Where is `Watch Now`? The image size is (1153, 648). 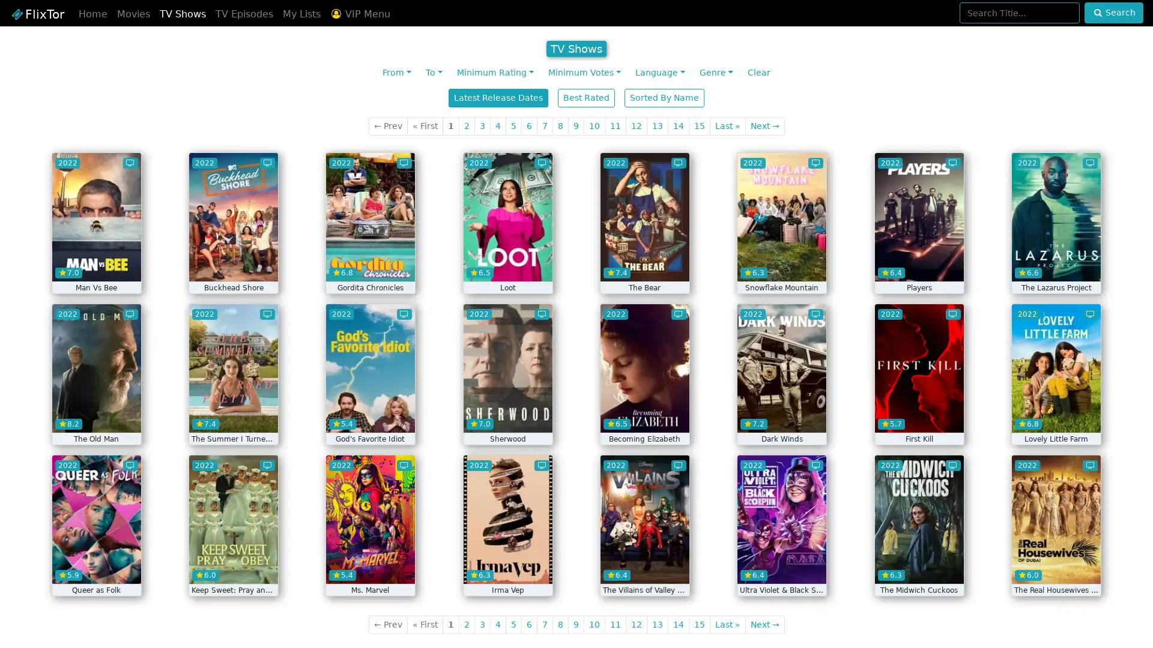
Watch Now is located at coordinates (233, 566).